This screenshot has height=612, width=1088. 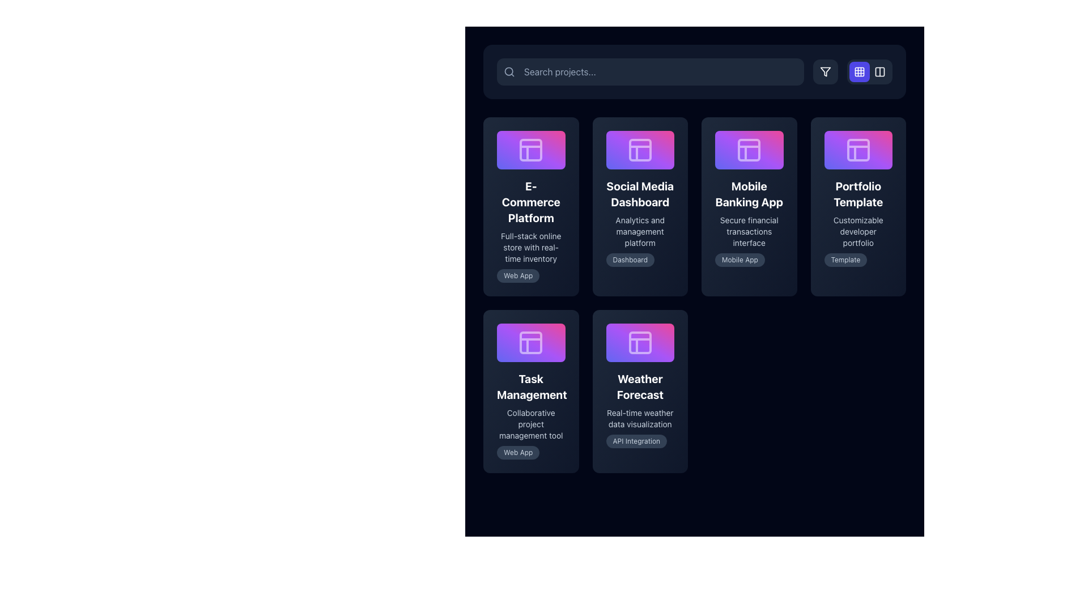 I want to click on the search icon located at the far left inside the input box used for searching projects, which appears before the placeholder text 'Search projects...', so click(x=508, y=72).